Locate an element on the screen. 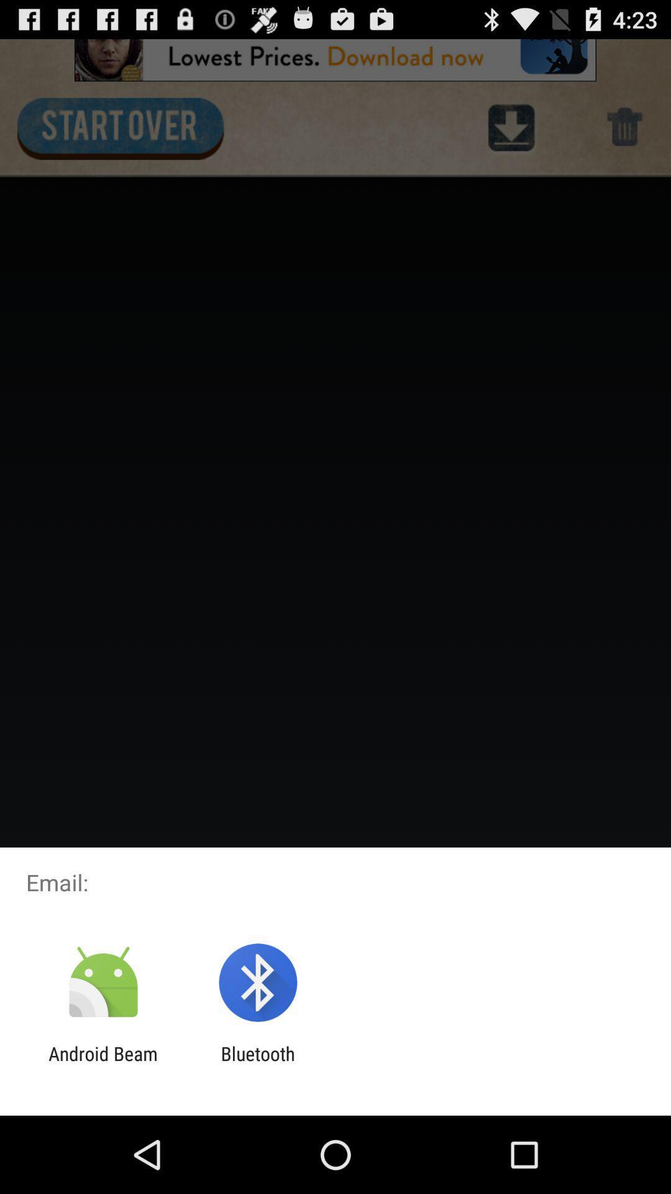 The height and width of the screenshot is (1194, 671). icon next to bluetooth is located at coordinates (103, 1064).